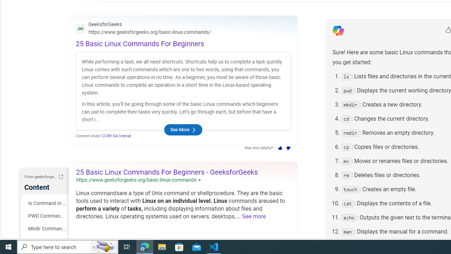  I want to click on 'From geeksforgeeks.org', so click(61, 176).